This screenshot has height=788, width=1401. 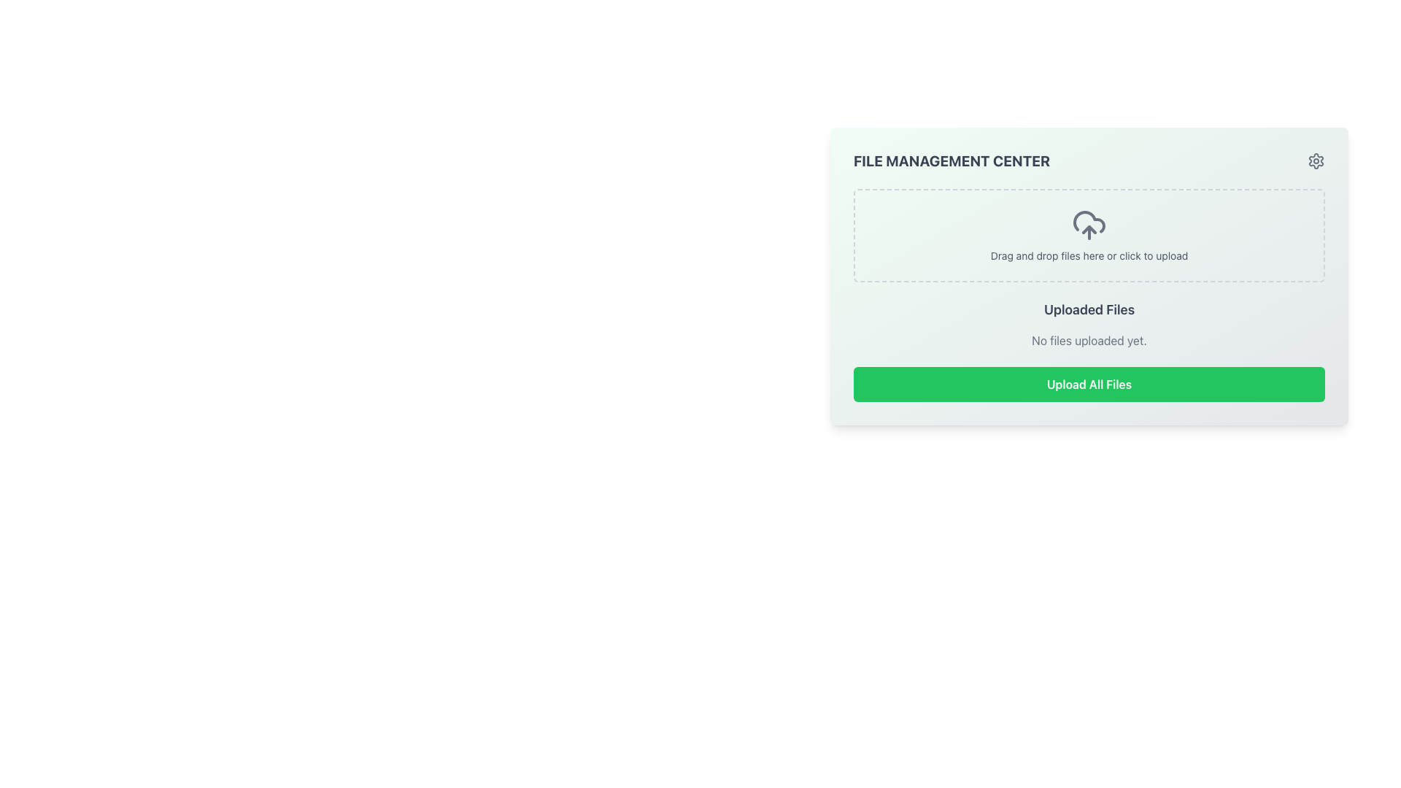 I want to click on and drop files into the transparent file input field located at the center of the file upload zone marked with dashed borders, so click(x=1089, y=235).